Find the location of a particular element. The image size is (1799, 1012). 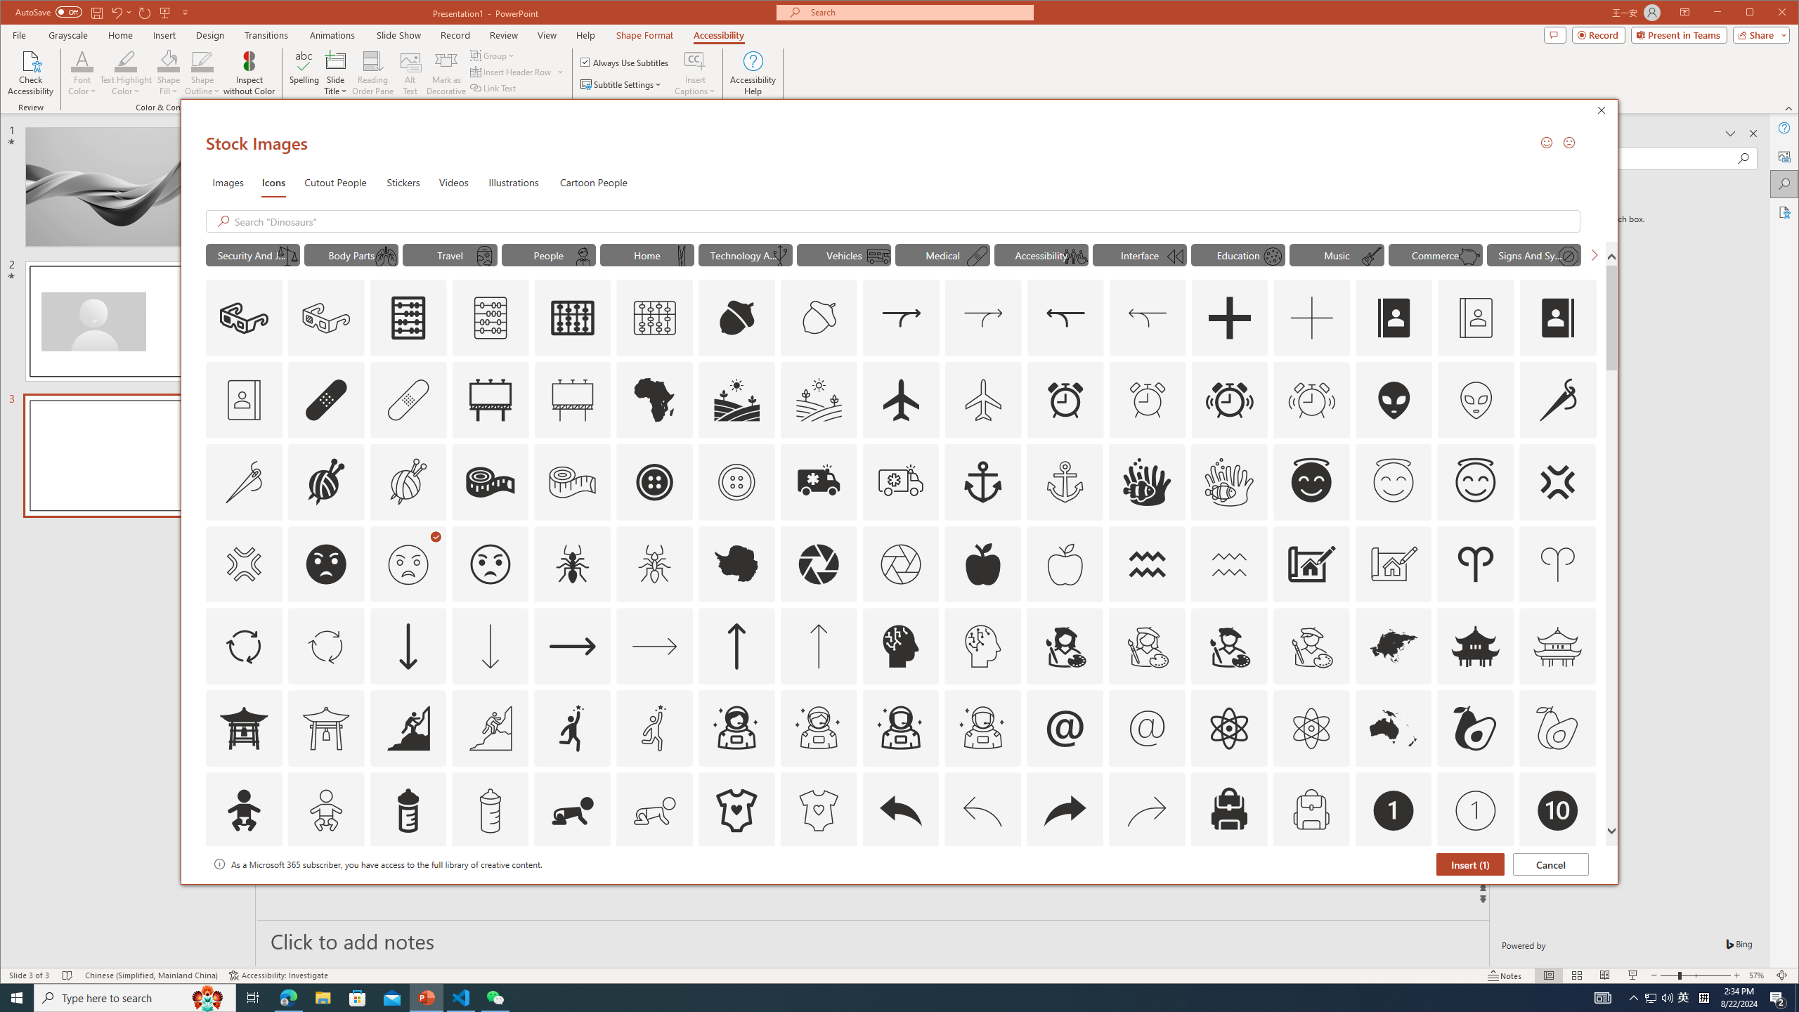

'AutomationID: Icons_AlienFace_M' is located at coordinates (1476, 398).